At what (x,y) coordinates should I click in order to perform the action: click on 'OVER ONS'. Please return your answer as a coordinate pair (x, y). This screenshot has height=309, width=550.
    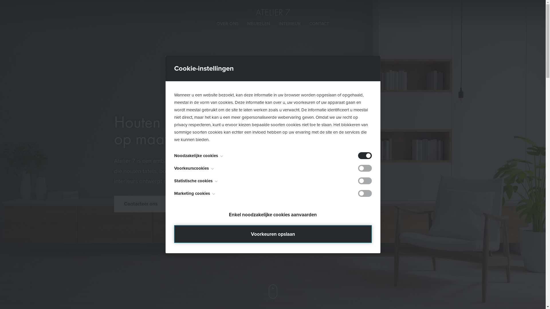
    Looking at the image, I should click on (216, 23).